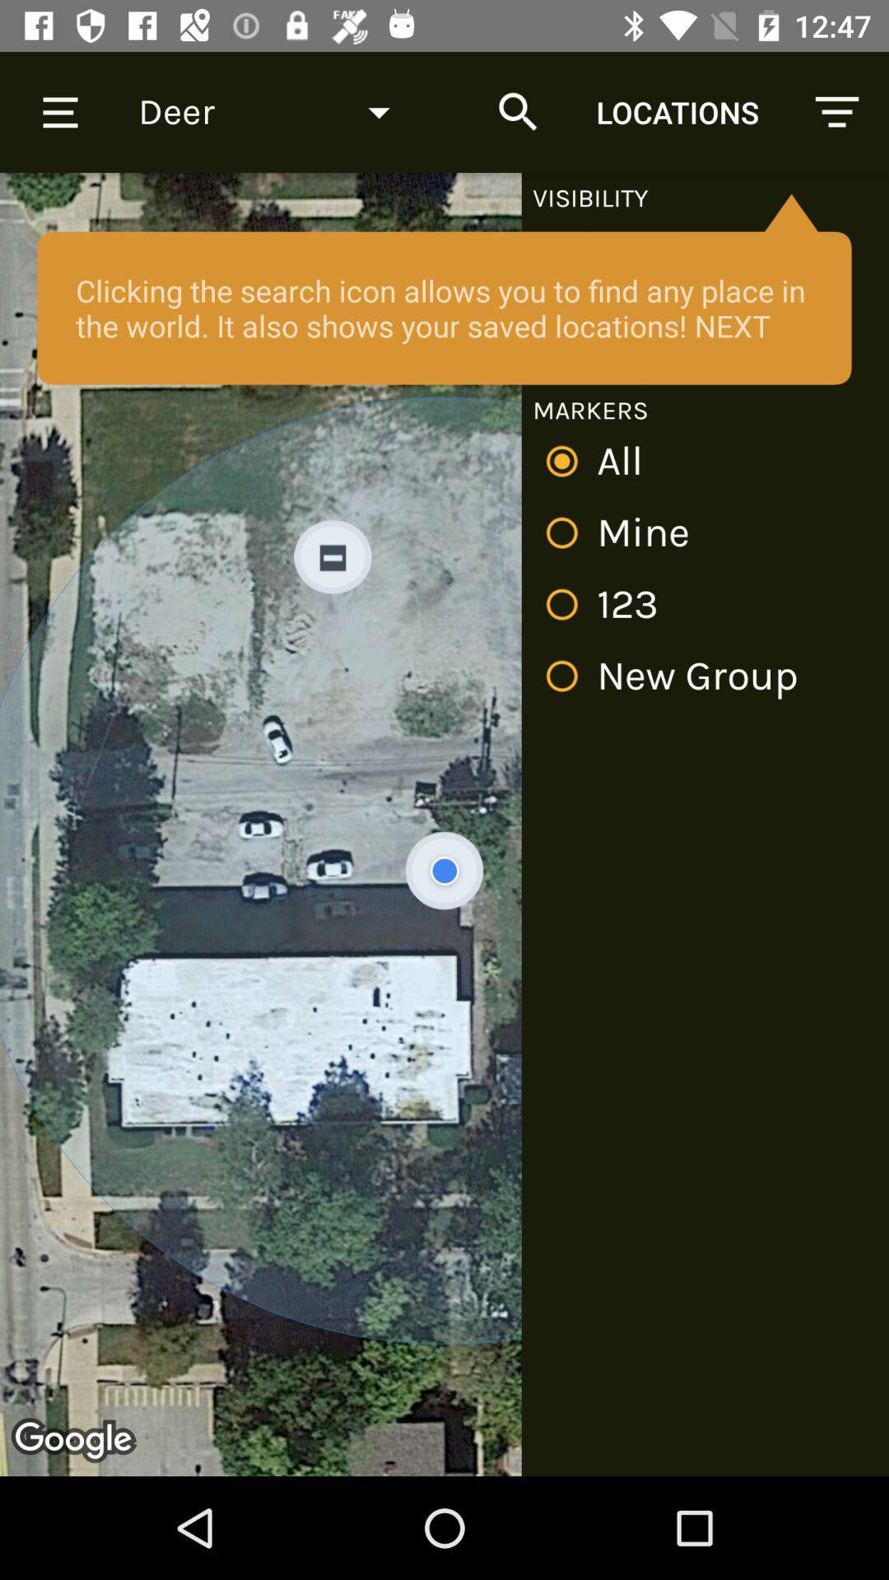  I want to click on the text google is written at the bottom of the page, so click(76, 1441).